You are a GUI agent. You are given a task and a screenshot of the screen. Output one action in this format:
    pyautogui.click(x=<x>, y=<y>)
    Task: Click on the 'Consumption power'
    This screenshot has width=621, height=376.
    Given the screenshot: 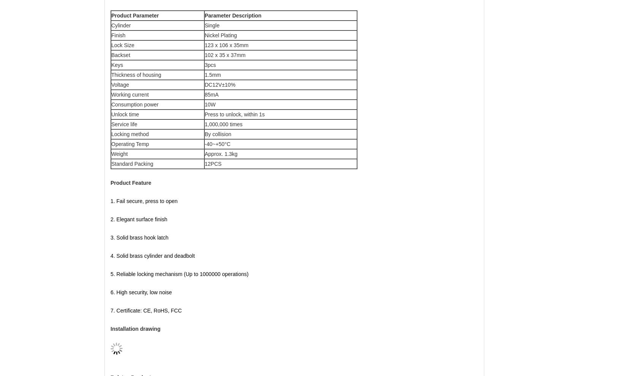 What is the action you would take?
    pyautogui.click(x=111, y=104)
    